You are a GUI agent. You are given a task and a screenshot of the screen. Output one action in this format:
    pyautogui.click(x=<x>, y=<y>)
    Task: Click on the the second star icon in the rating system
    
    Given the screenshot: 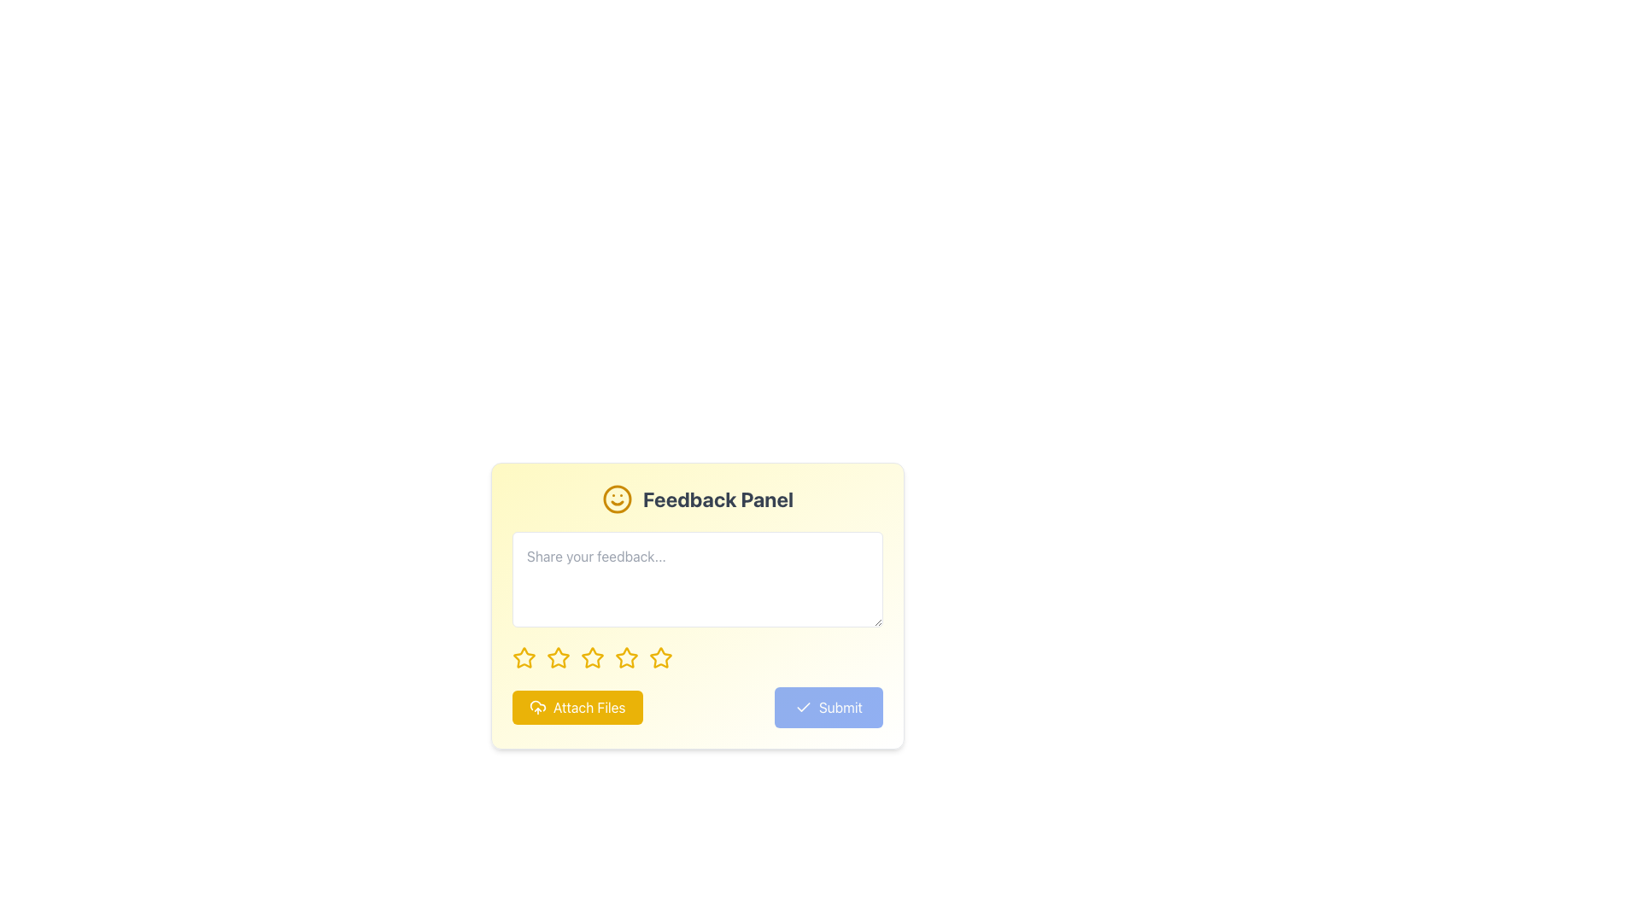 What is the action you would take?
    pyautogui.click(x=558, y=657)
    